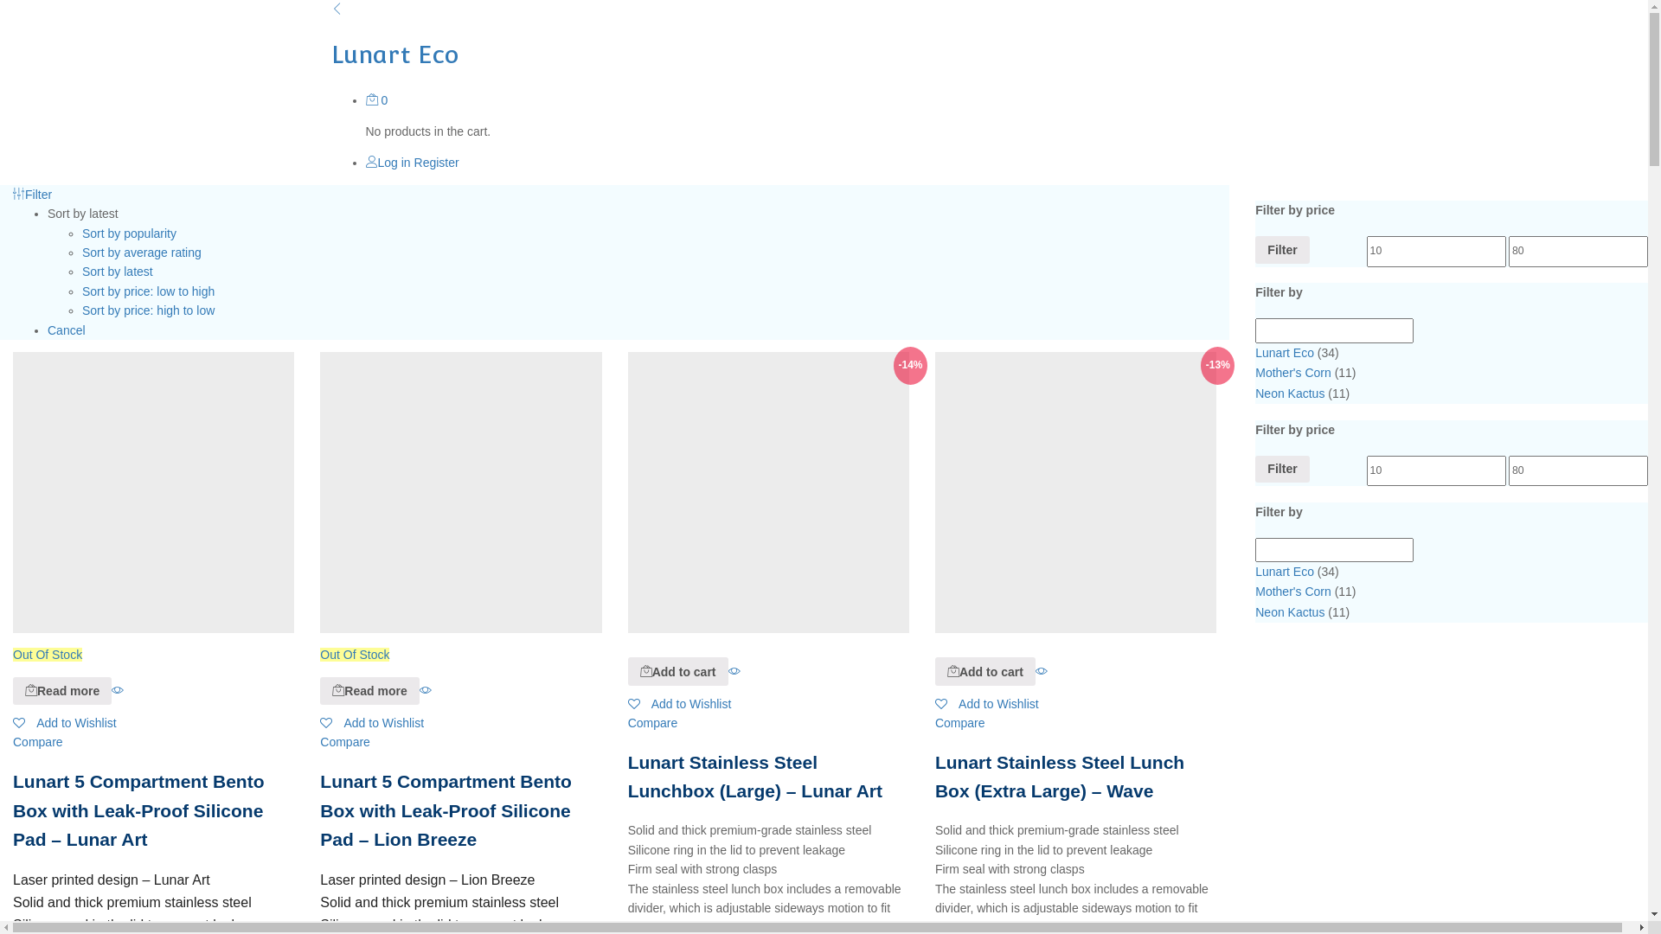 This screenshot has width=1661, height=934. I want to click on 'Add to Wishlist', so click(679, 703).